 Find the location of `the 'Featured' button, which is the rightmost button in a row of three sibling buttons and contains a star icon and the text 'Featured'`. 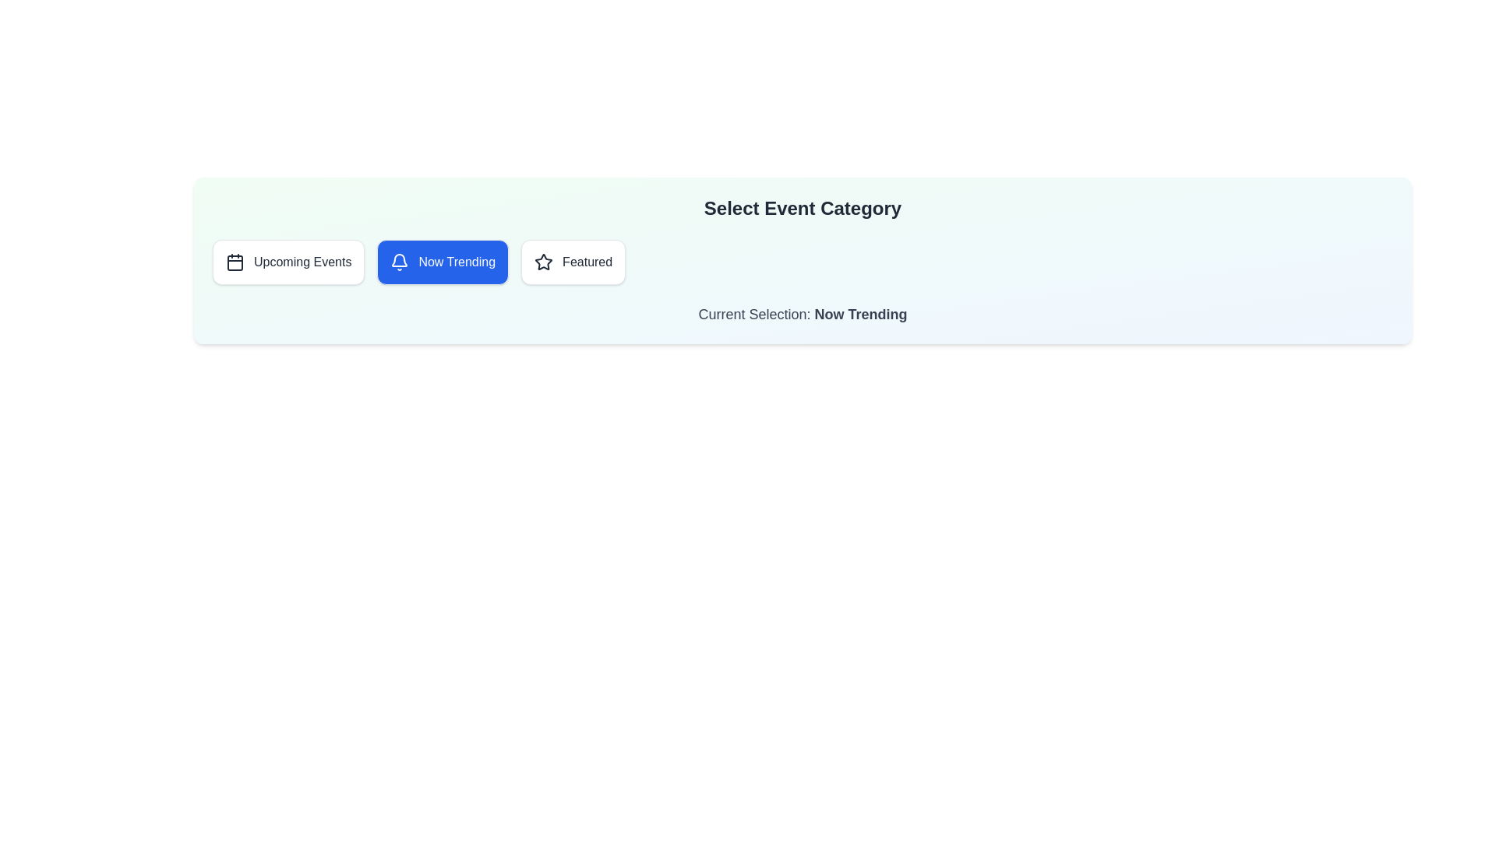

the 'Featured' button, which is the rightmost button in a row of three sibling buttons and contains a star icon and the text 'Featured' is located at coordinates (573, 261).